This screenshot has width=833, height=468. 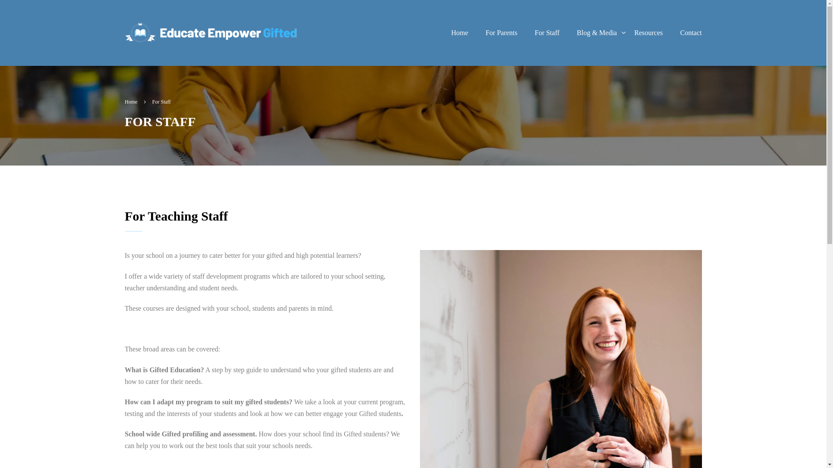 What do you see at coordinates (671, 32) in the screenshot?
I see `'Contact'` at bounding box center [671, 32].